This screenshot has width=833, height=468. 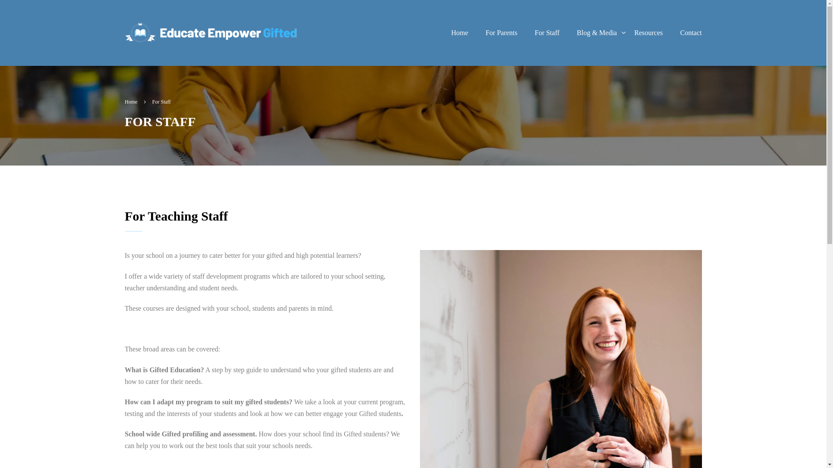 What do you see at coordinates (671, 32) in the screenshot?
I see `'Contact'` at bounding box center [671, 32].